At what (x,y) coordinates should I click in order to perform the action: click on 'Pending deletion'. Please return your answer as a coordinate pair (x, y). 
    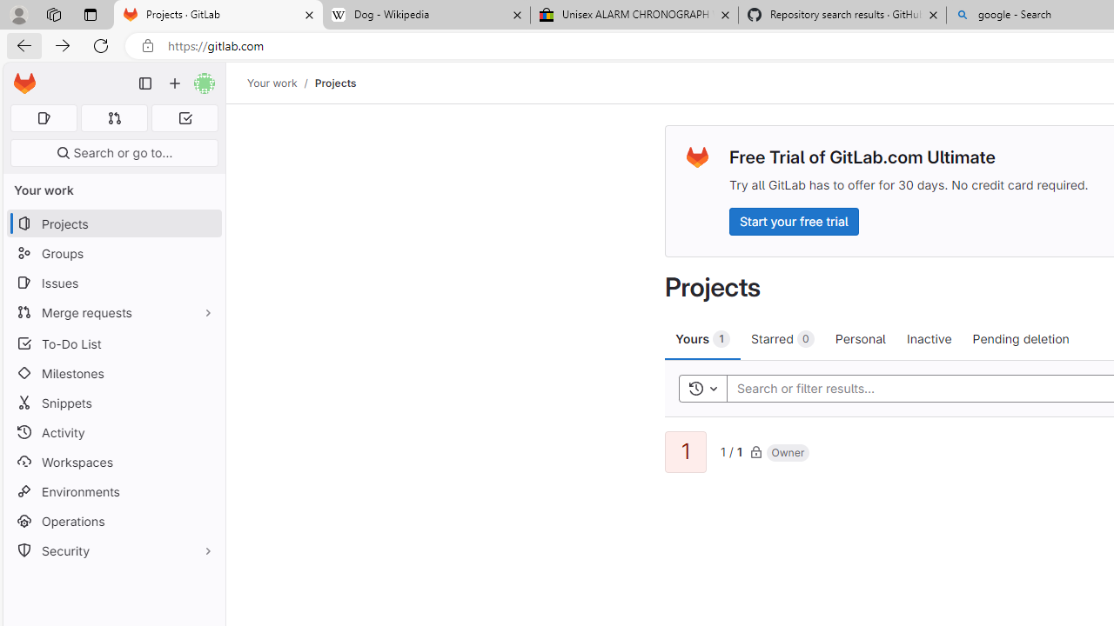
    Looking at the image, I should click on (1021, 338).